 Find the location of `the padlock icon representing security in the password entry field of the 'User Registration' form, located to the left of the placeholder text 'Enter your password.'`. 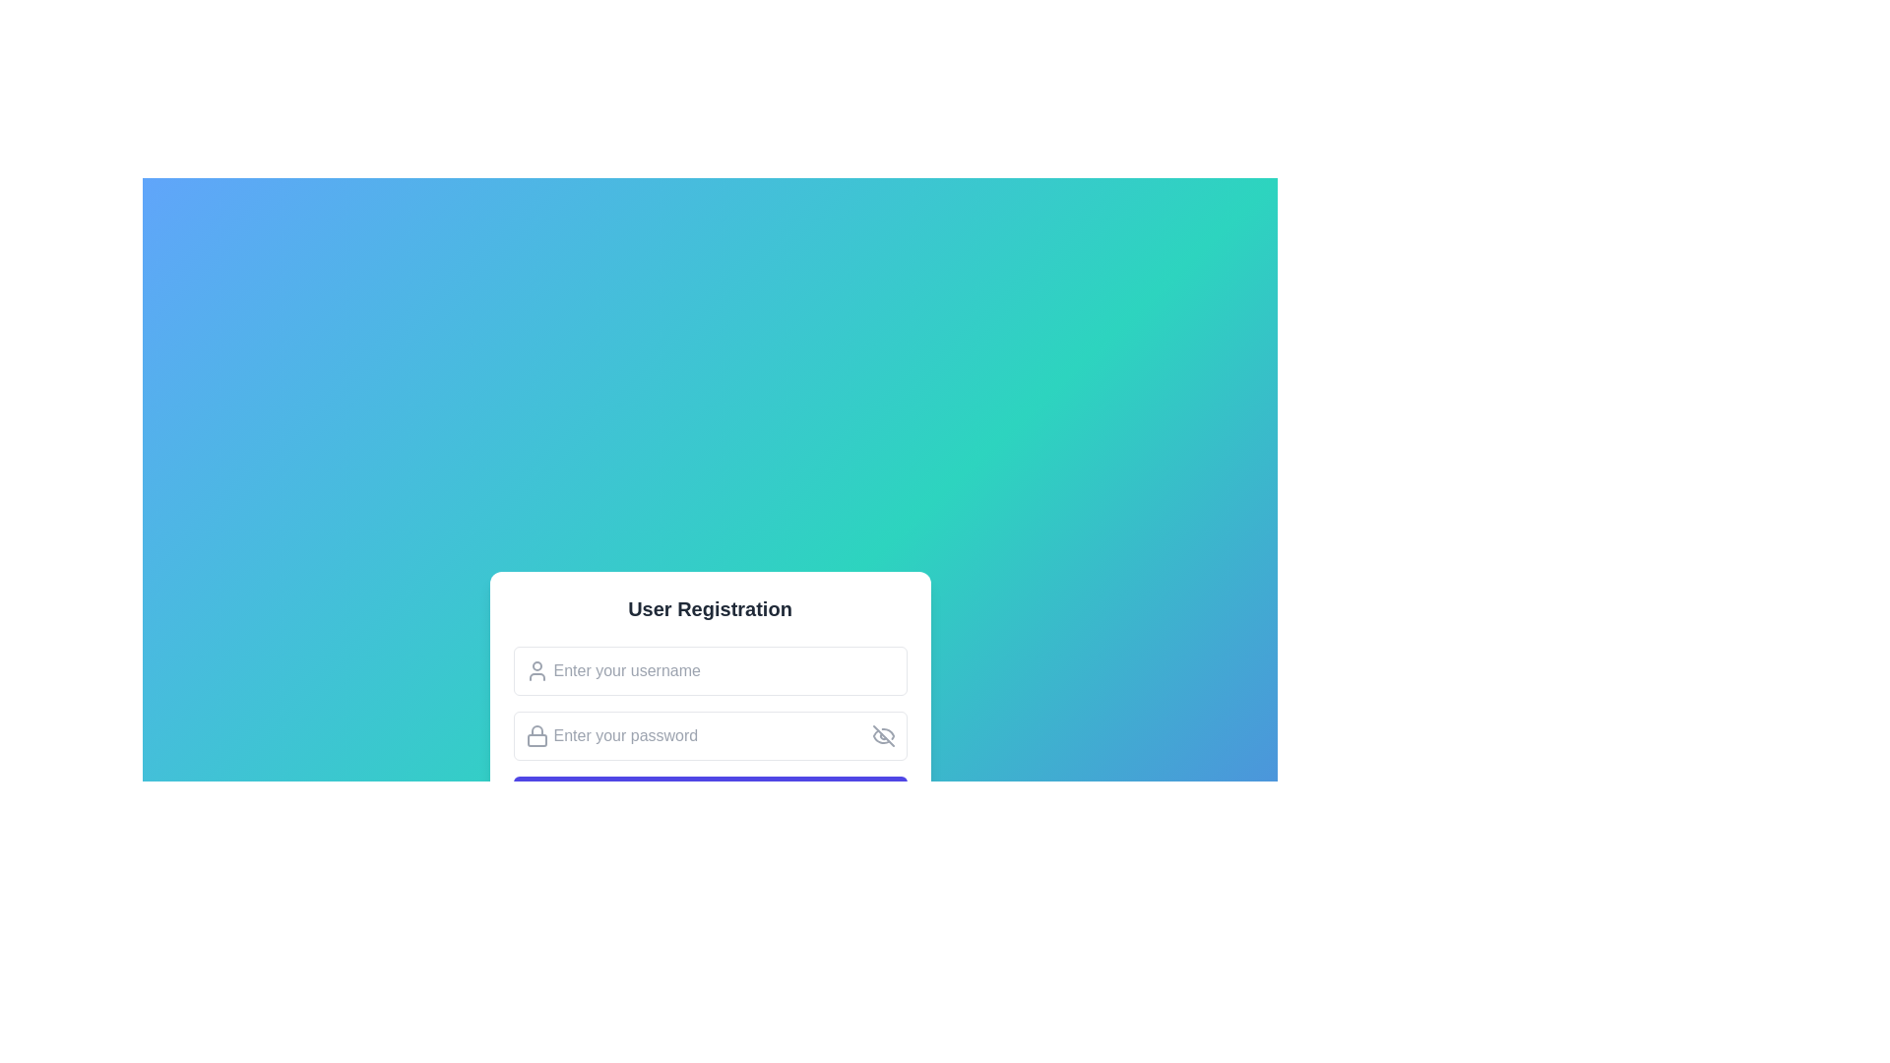

the padlock icon representing security in the password entry field of the 'User Registration' form, located to the left of the placeholder text 'Enter your password.' is located at coordinates (536, 736).